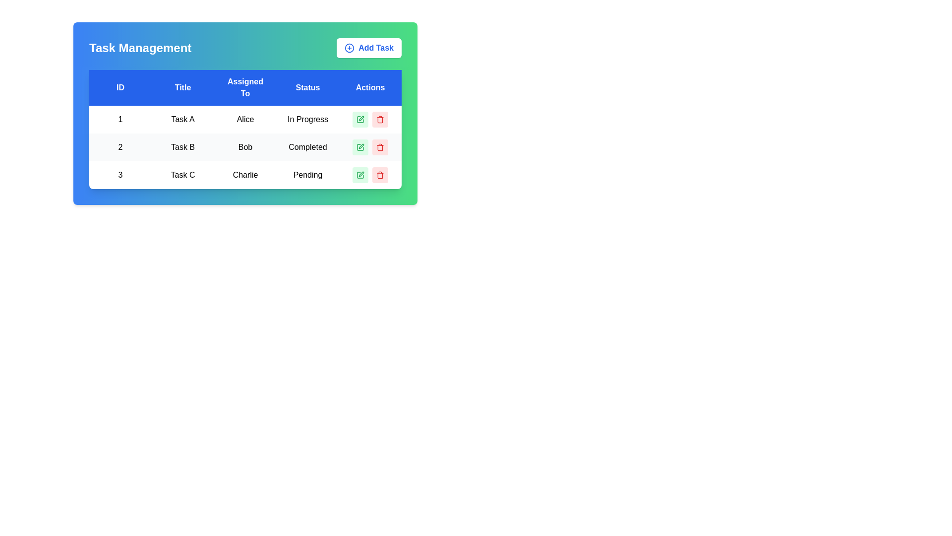  I want to click on the text label displaying 'Pending' in the 'Status' column of the table, located in the third row, so click(307, 175).